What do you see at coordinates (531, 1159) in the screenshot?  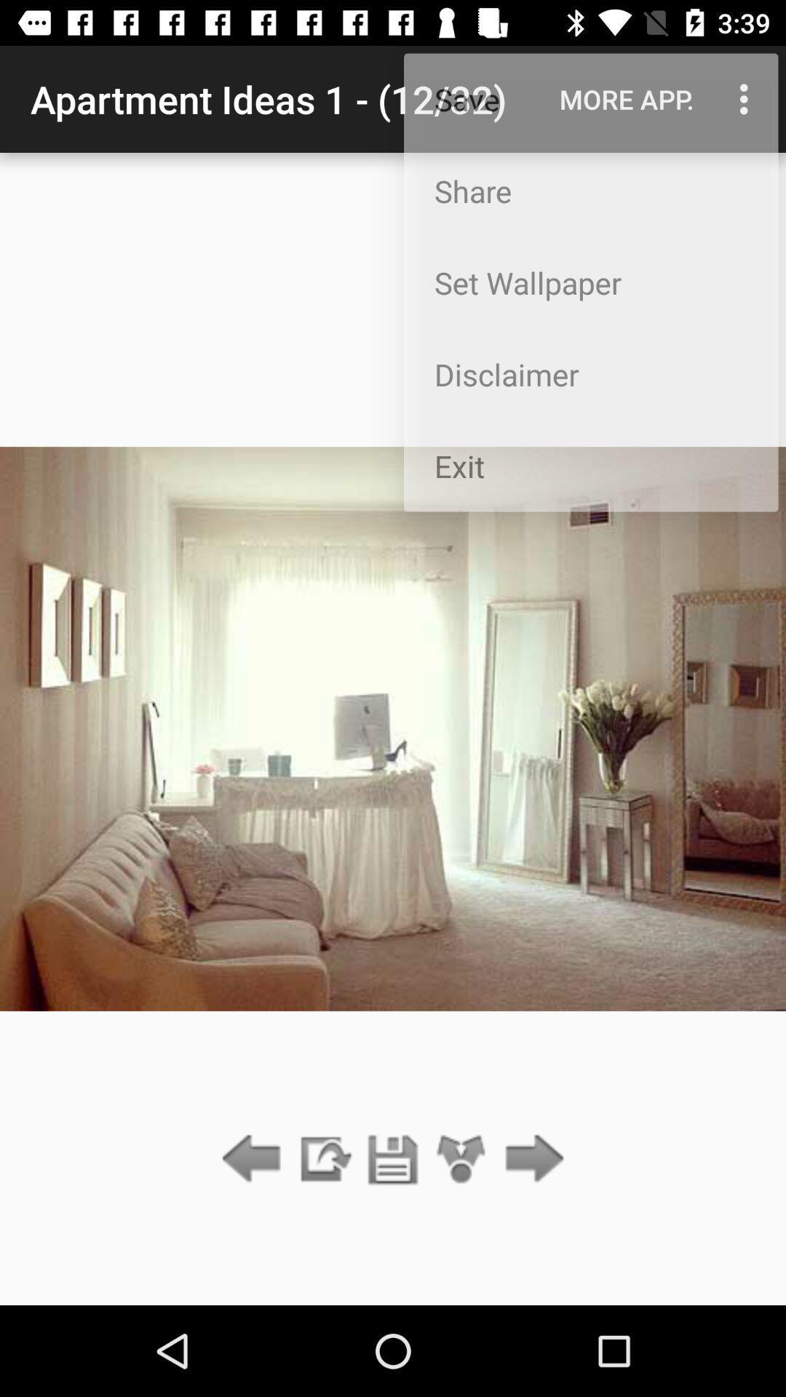 I see `the arrow_forward icon` at bounding box center [531, 1159].